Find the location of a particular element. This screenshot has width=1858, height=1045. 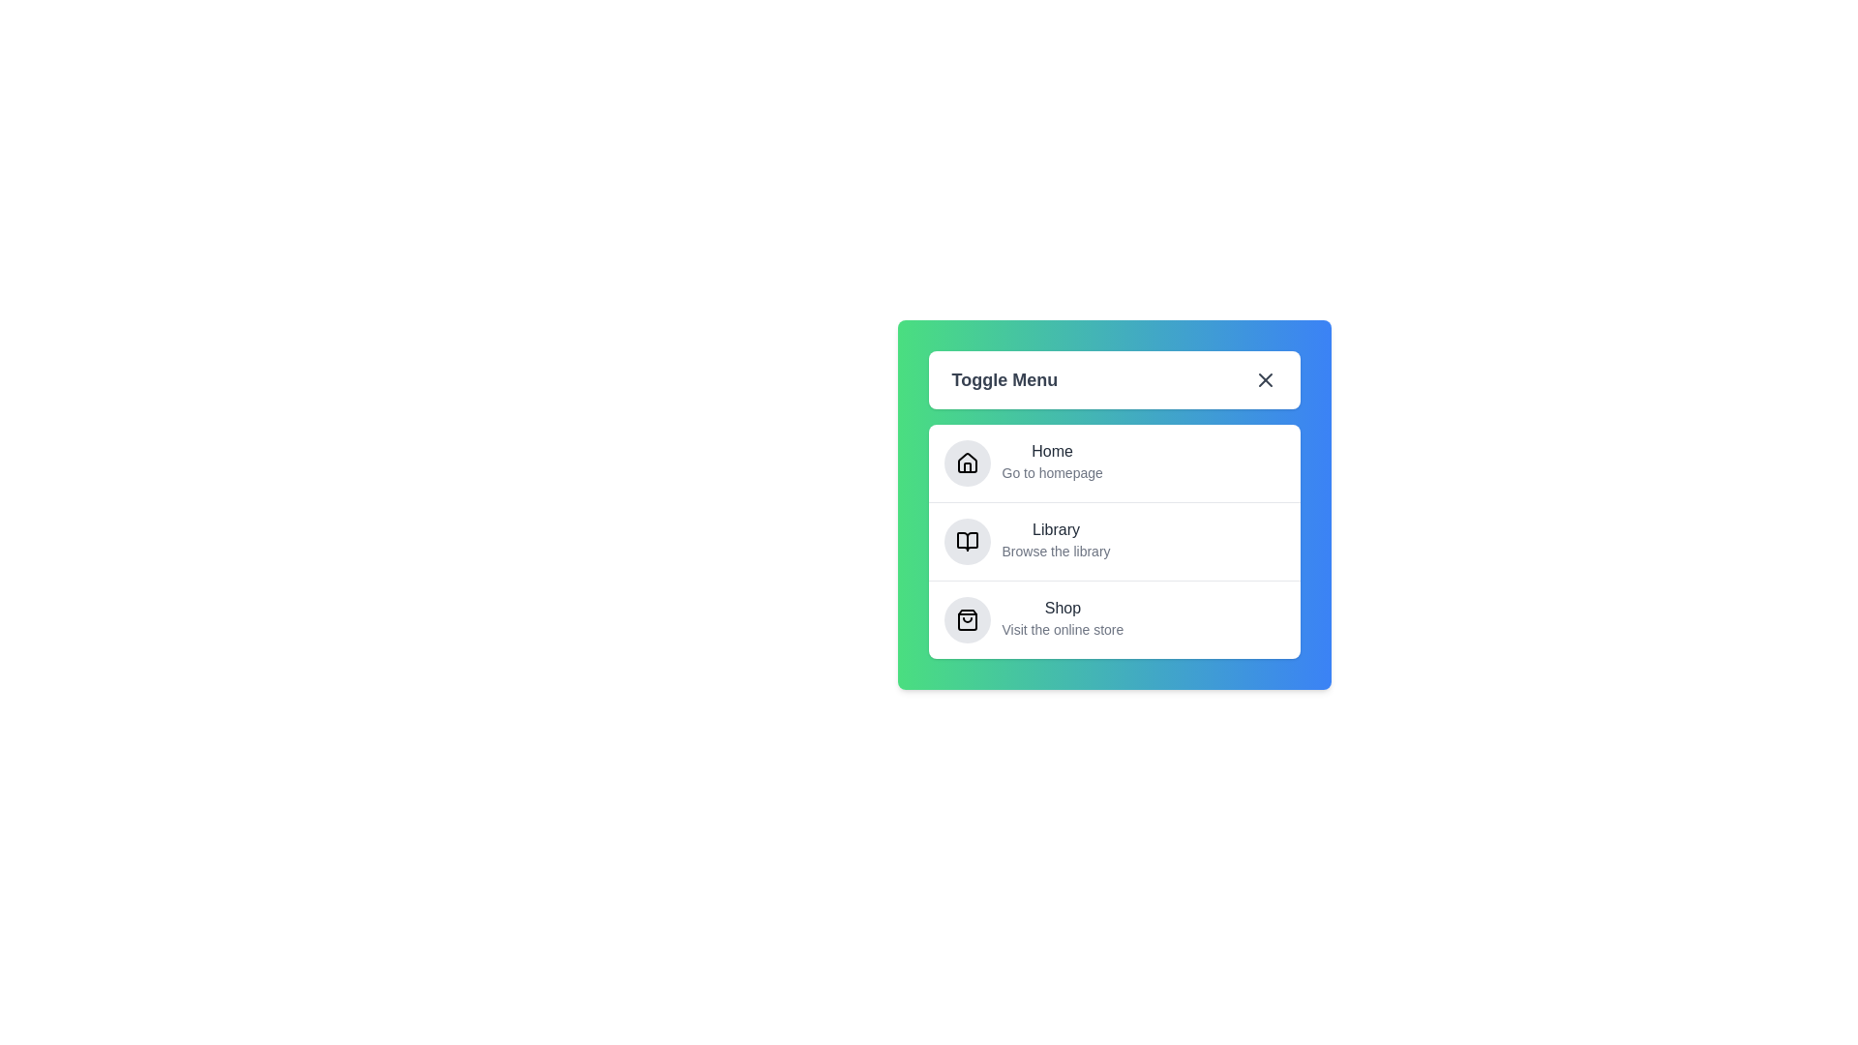

the icon corresponding to Shop in the menu is located at coordinates (967, 619).